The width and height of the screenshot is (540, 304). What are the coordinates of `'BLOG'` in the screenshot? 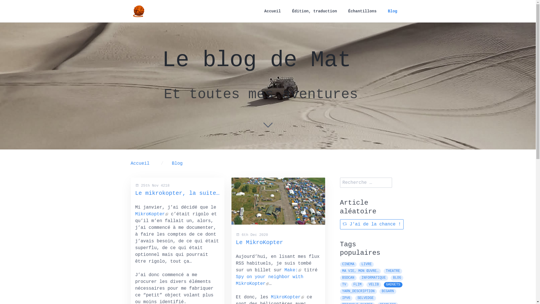 It's located at (397, 278).